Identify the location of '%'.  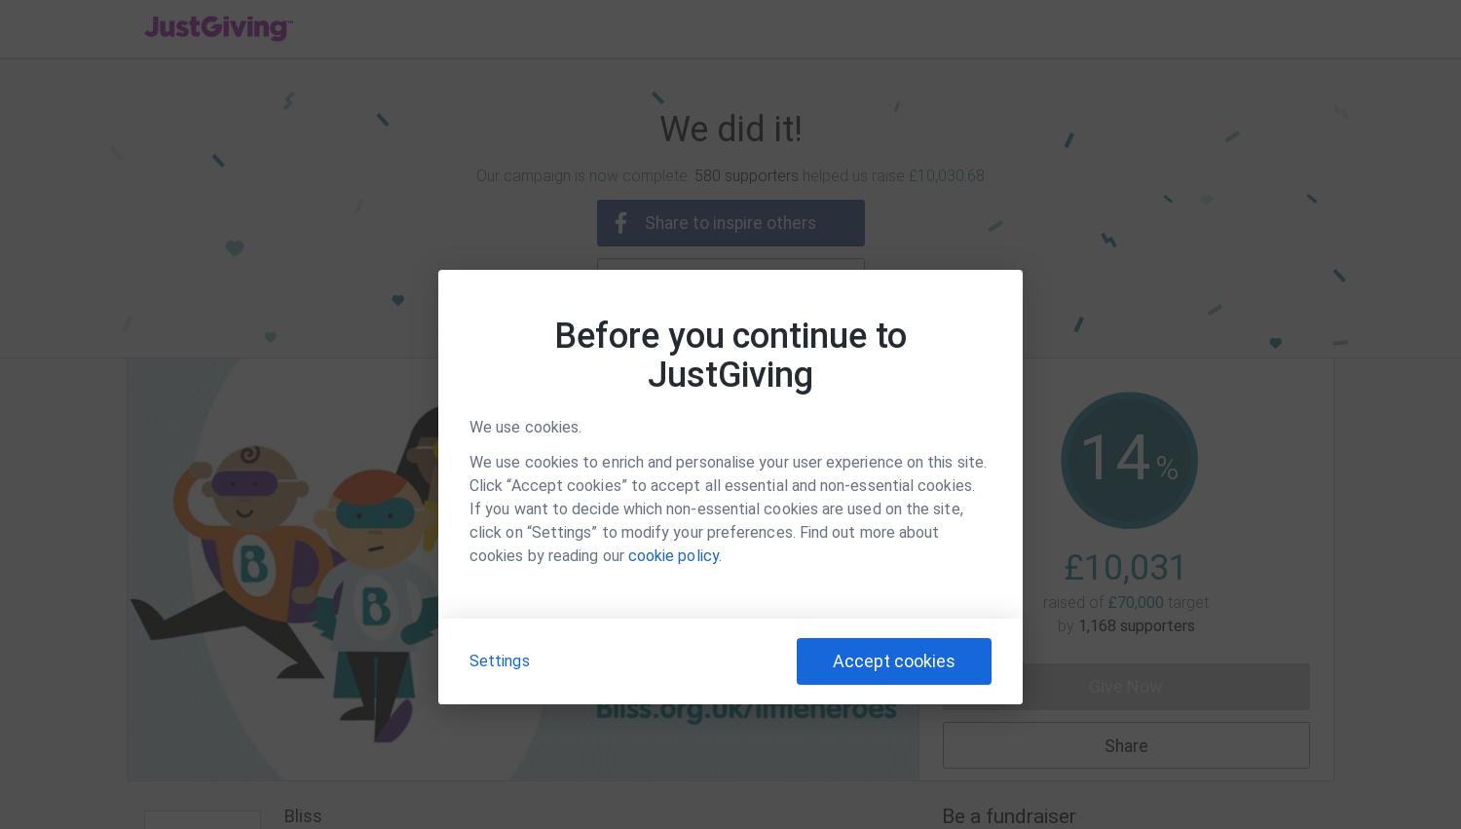
(1155, 466).